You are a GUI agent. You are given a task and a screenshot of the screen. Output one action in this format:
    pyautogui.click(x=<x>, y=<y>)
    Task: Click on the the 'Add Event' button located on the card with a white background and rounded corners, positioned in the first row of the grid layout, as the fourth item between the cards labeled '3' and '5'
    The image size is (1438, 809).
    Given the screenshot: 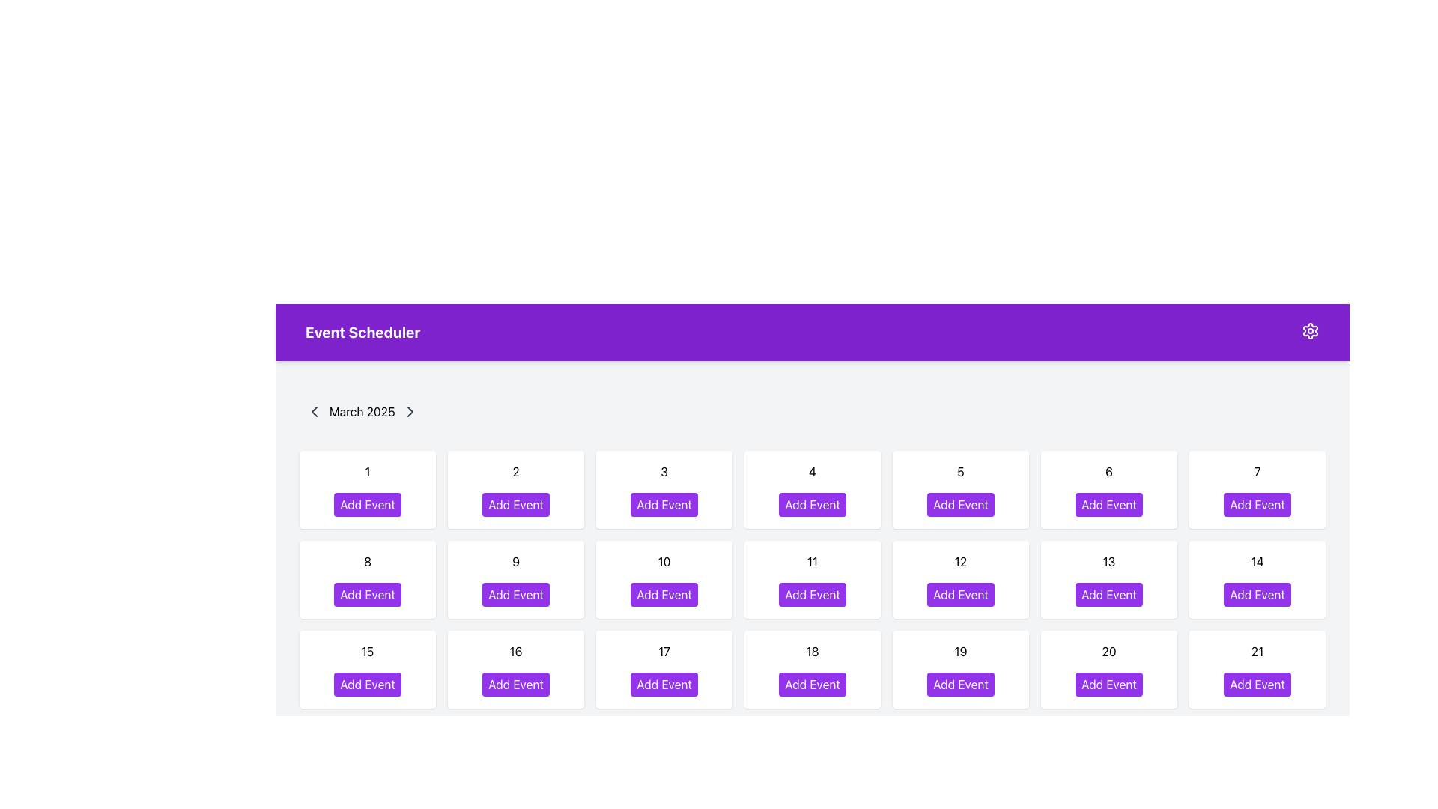 What is the action you would take?
    pyautogui.click(x=811, y=490)
    